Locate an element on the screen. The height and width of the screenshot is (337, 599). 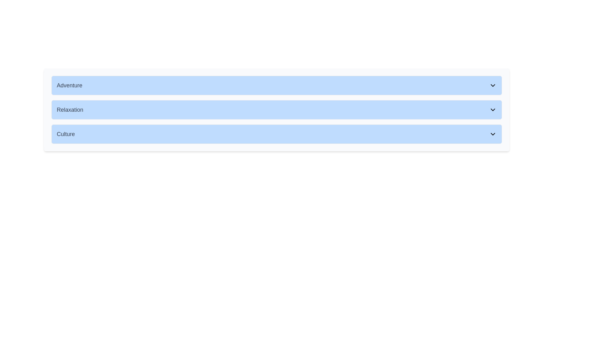
the yellow outlined star icon located to the right of the downward arrow in the blue rectangular area labeled 'Culture' is located at coordinates (497, 132).